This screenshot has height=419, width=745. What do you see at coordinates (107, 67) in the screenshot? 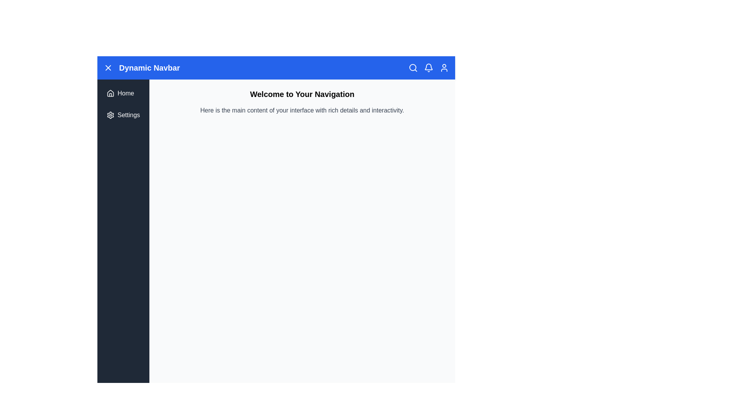
I see `the SVG-based cross icon located near the 'Dynamic Navbar' text label` at bounding box center [107, 67].